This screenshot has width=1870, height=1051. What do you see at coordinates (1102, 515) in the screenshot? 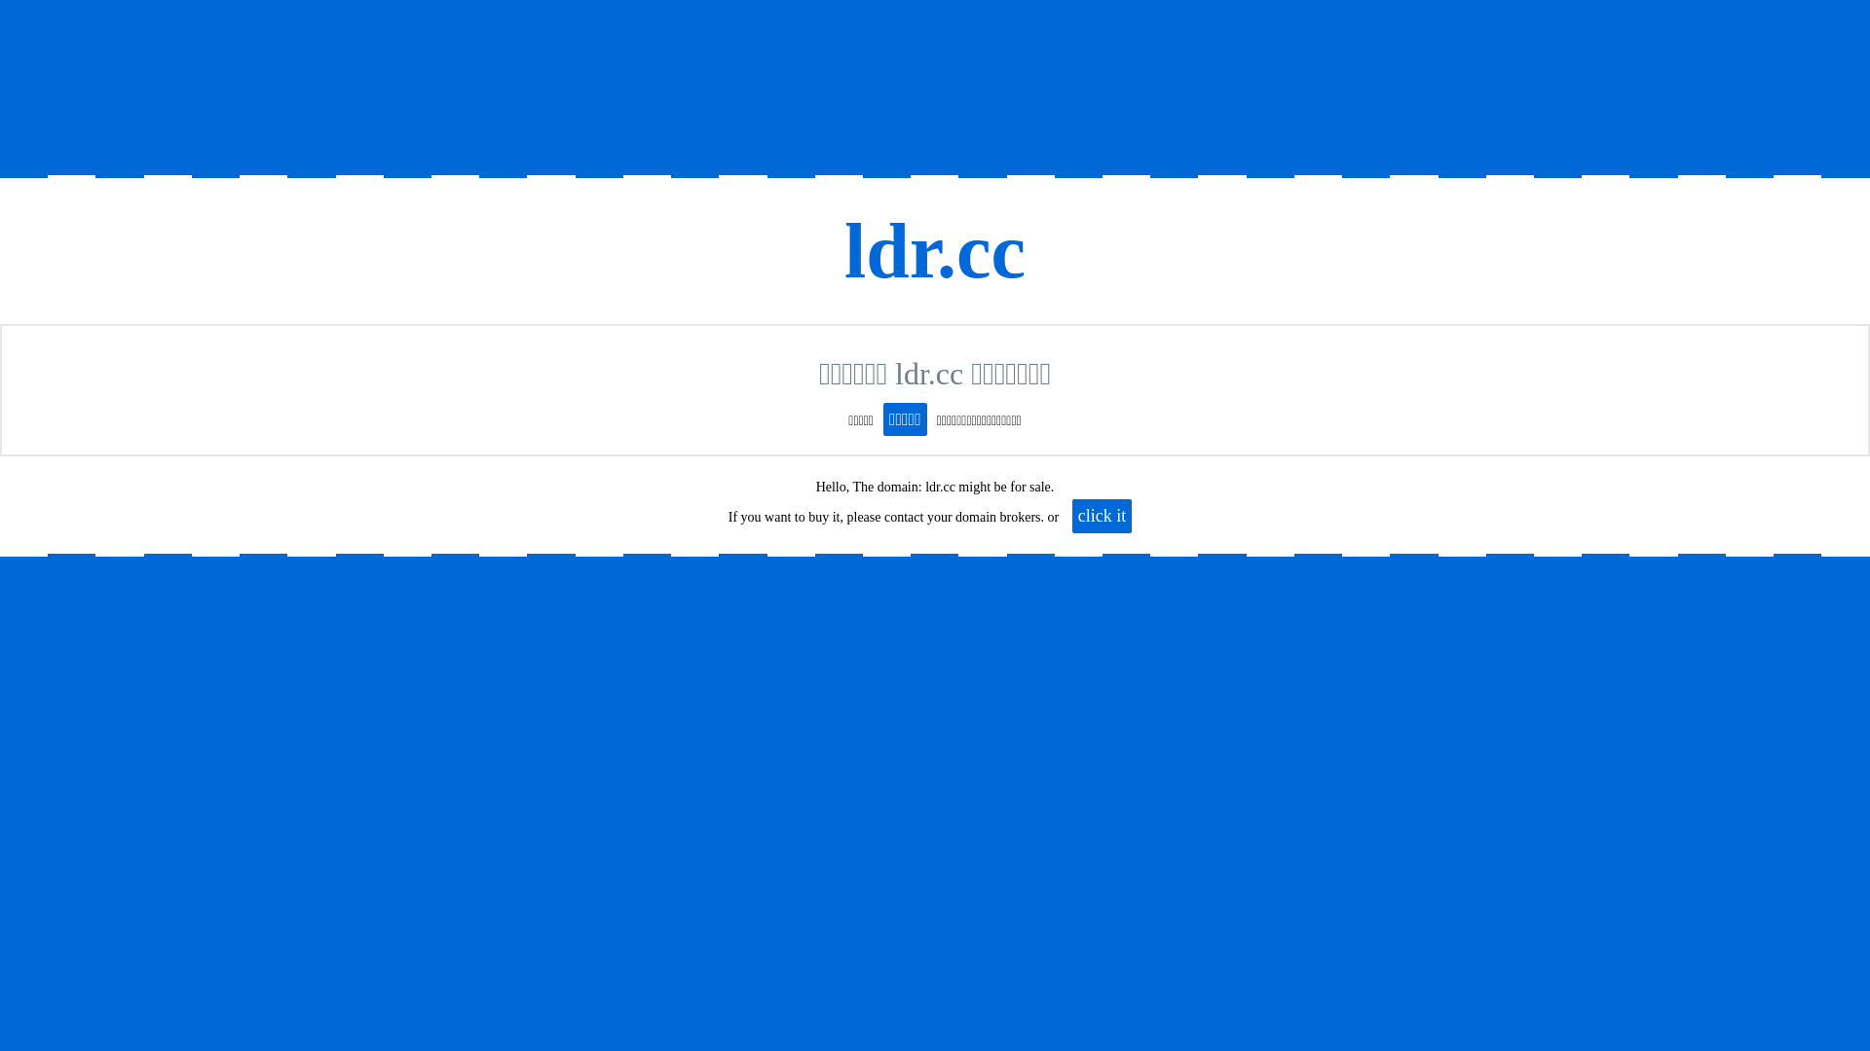
I see `'click it'` at bounding box center [1102, 515].